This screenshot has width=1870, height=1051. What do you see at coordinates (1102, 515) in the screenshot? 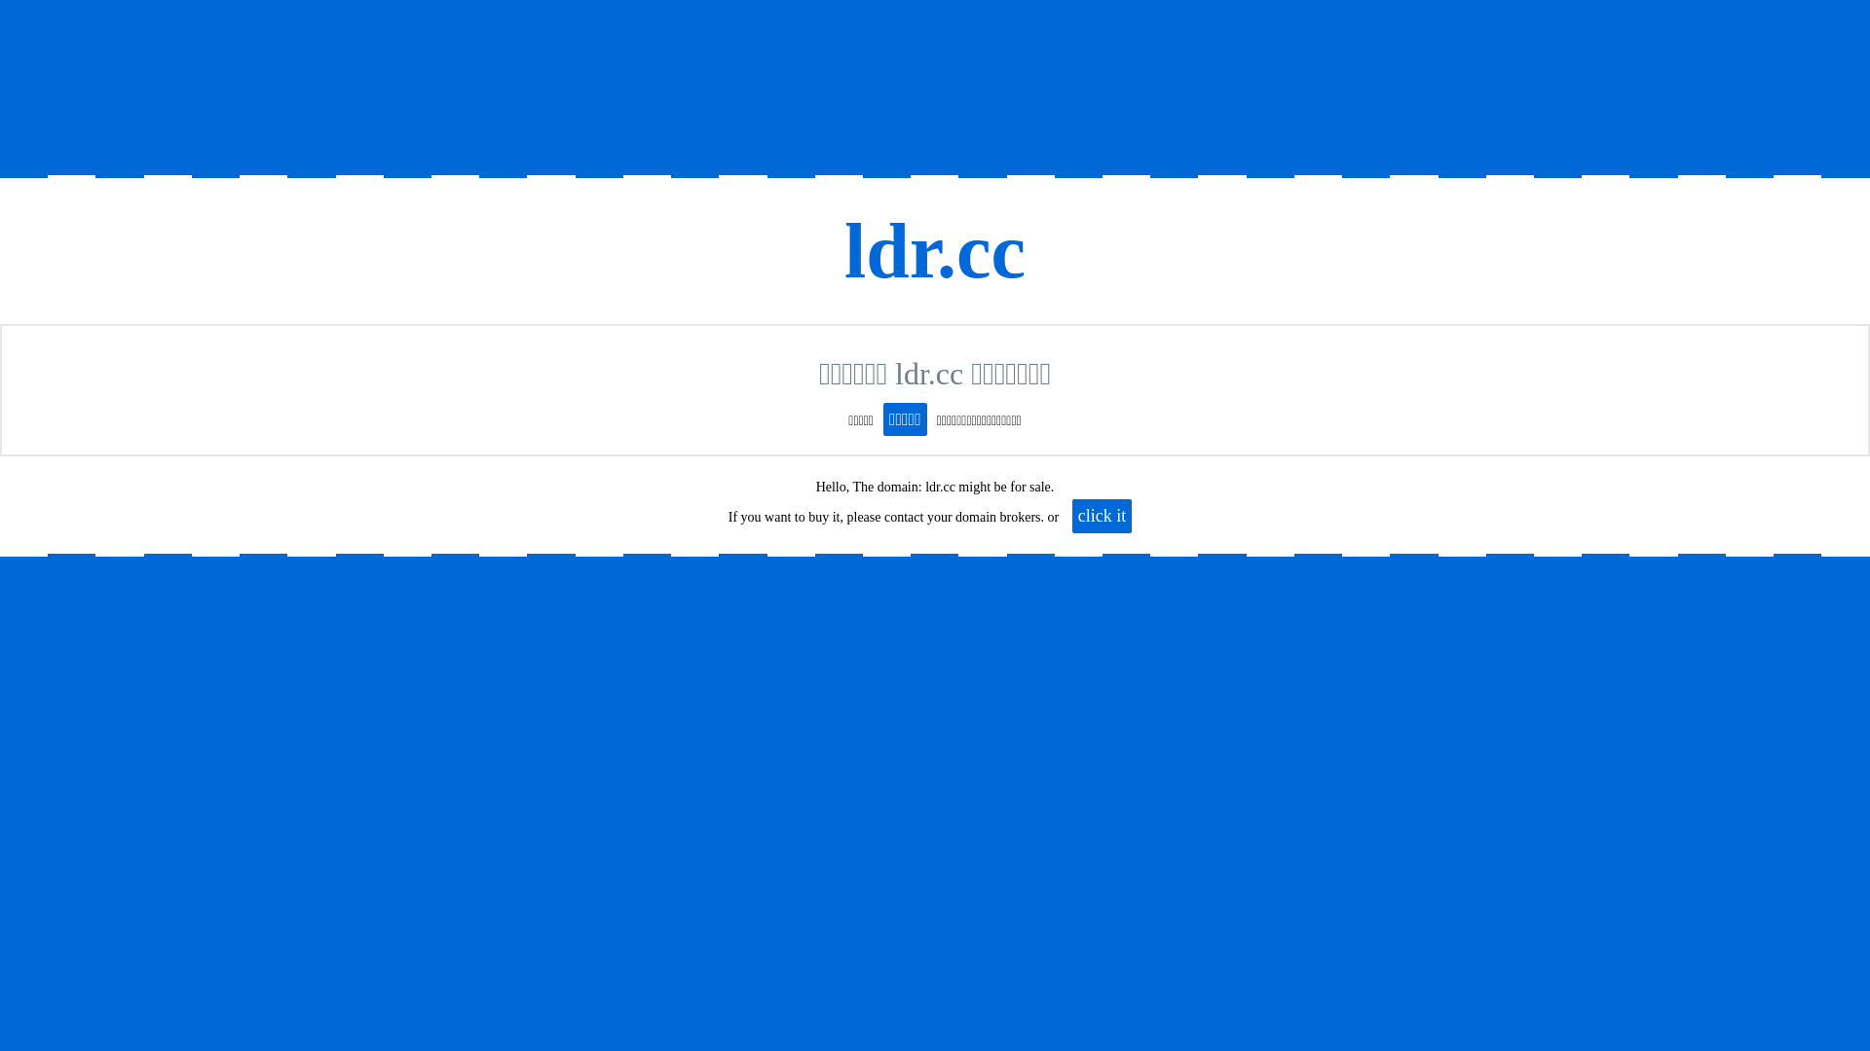
I see `'click it'` at bounding box center [1102, 515].